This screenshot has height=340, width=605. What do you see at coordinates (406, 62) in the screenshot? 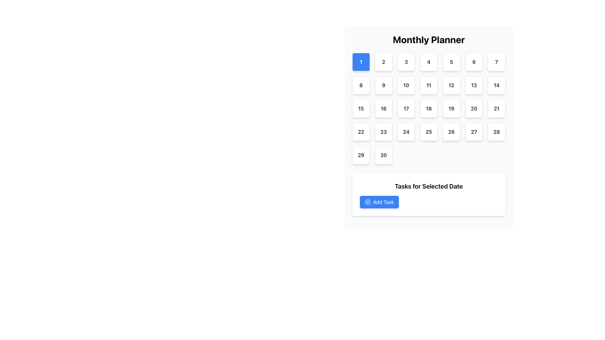
I see `the square-shaped button with a white background and the text '3' in a dark color, located in the first row of the calendar grid under the 'Monthly Planner' heading` at bounding box center [406, 62].